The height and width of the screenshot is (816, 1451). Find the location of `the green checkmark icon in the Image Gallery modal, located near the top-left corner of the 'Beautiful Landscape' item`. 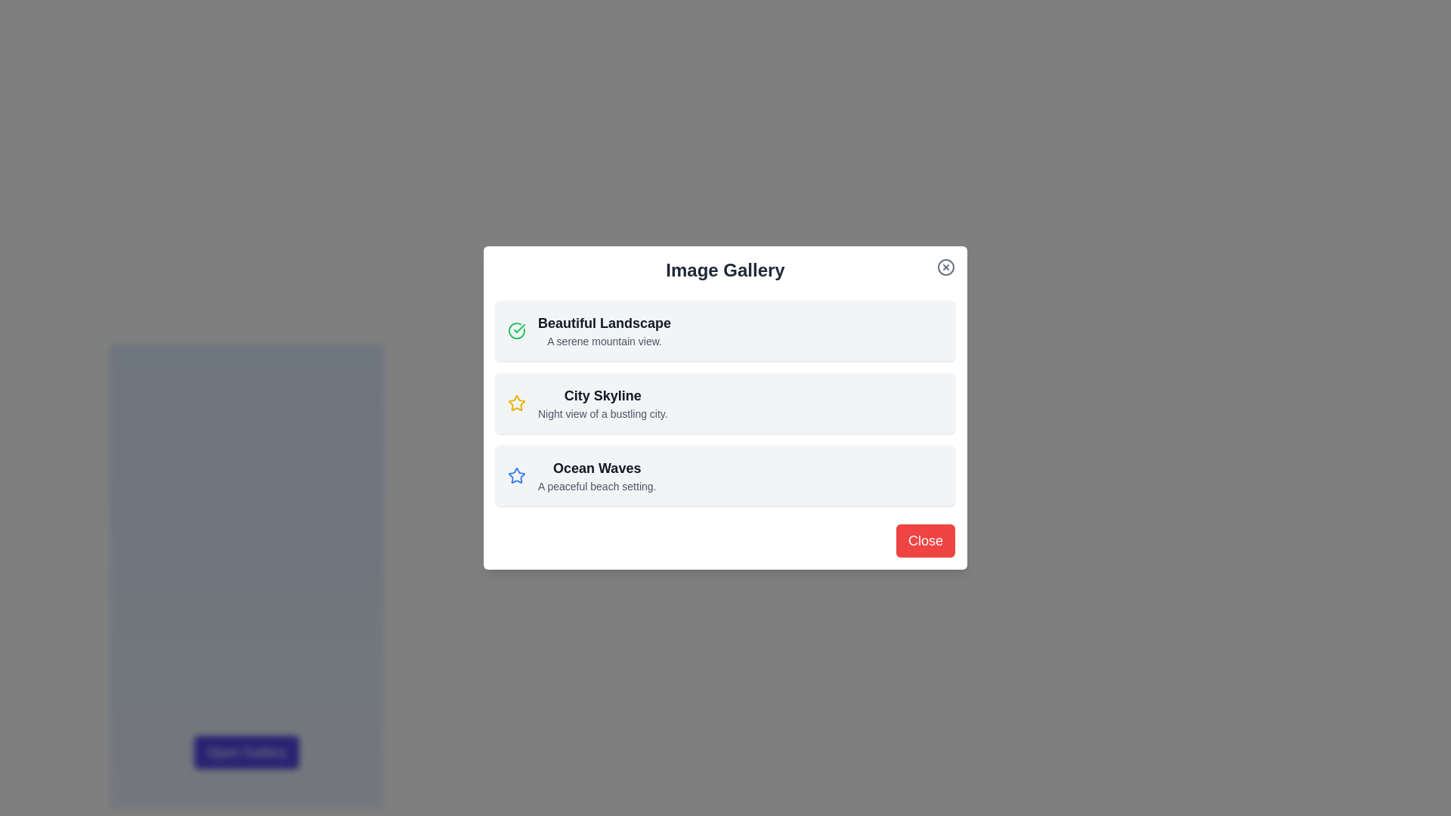

the green checkmark icon in the Image Gallery modal, located near the top-left corner of the 'Beautiful Landscape' item is located at coordinates (519, 328).